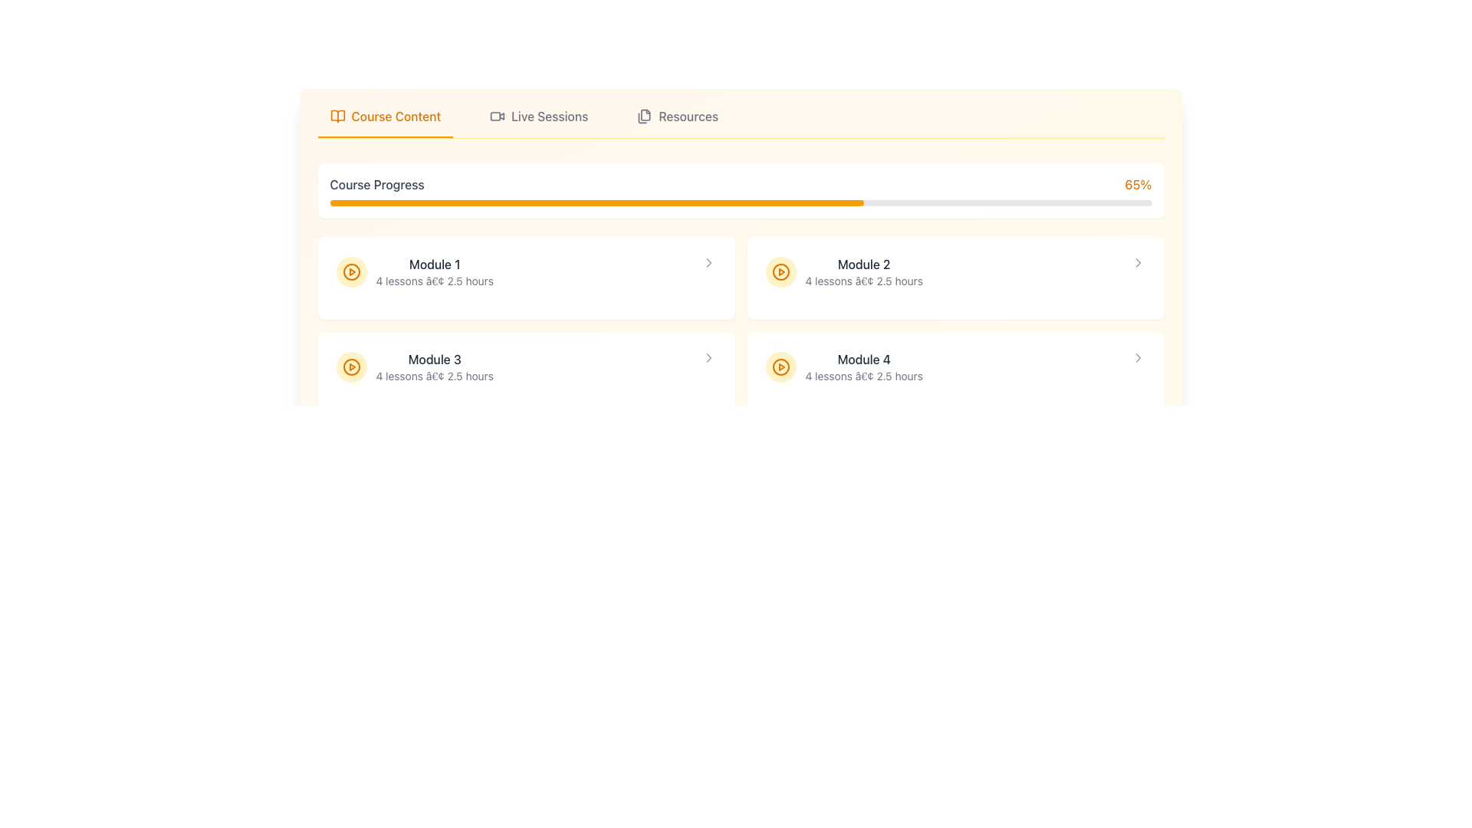 Image resolution: width=1472 pixels, height=828 pixels. Describe the element at coordinates (864, 263) in the screenshot. I see `the Text label containing the text 'Module 2', which is styled in bold and dark gray, located in the second module card of the second column in a 2x2 grid layout under the 'Course Progress' bar` at that location.